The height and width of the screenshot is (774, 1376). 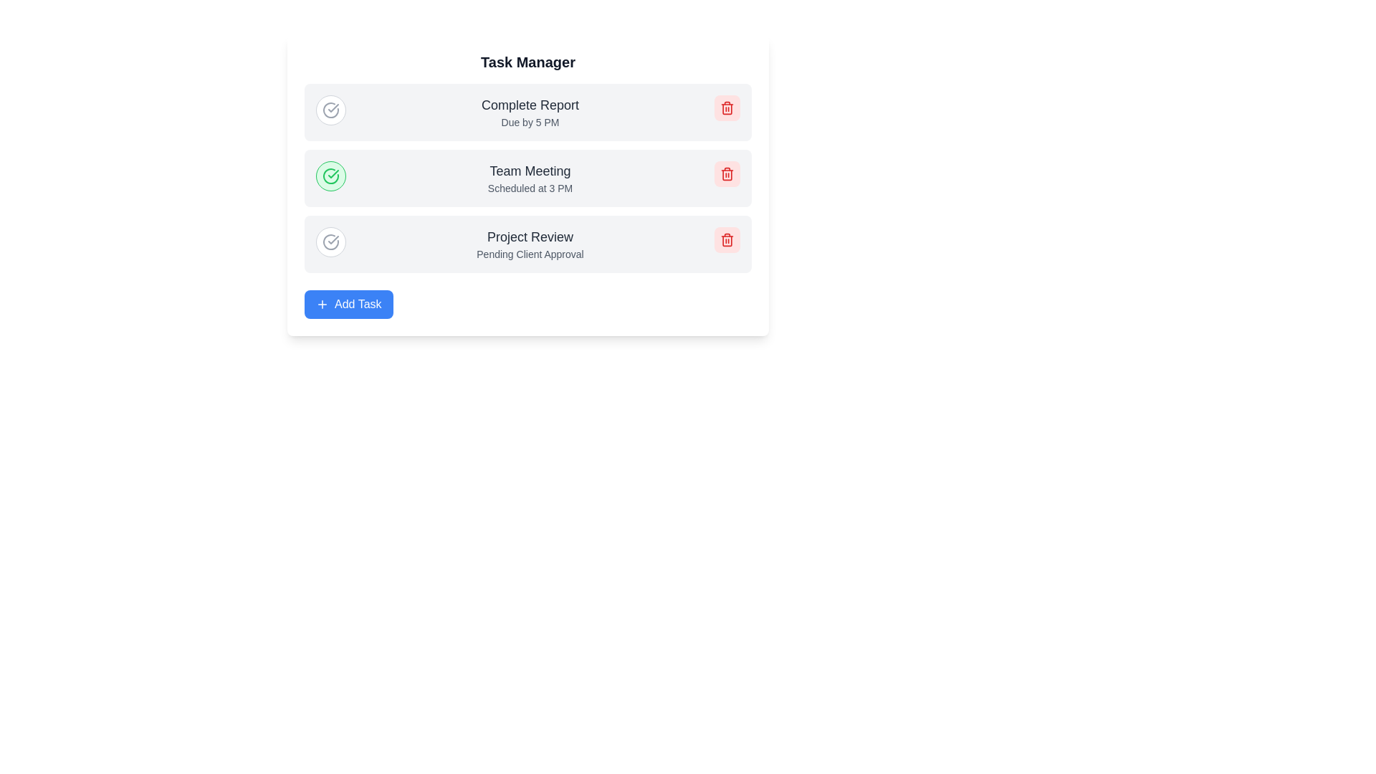 What do you see at coordinates (529, 178) in the screenshot?
I see `the non-interactive Text display element that shows details of a scheduled item, specifically the second item in the list located between the green check icon and the red delete button` at bounding box center [529, 178].